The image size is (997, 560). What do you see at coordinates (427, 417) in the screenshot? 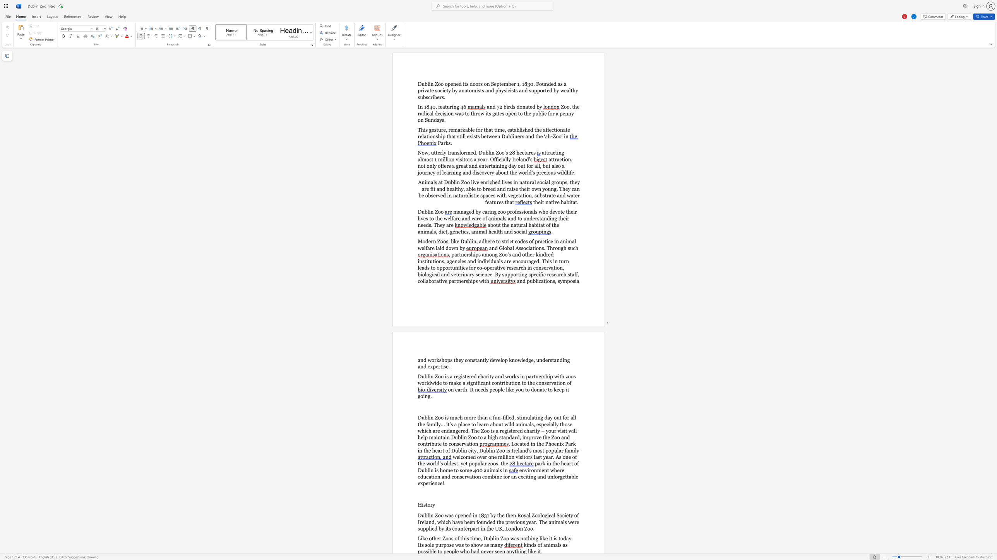
I see `the subset text "lin Zoo is much mor" within the text "Dublin Zoo is much more than a fun-filled, stimulating day out for all the family..."` at bounding box center [427, 417].